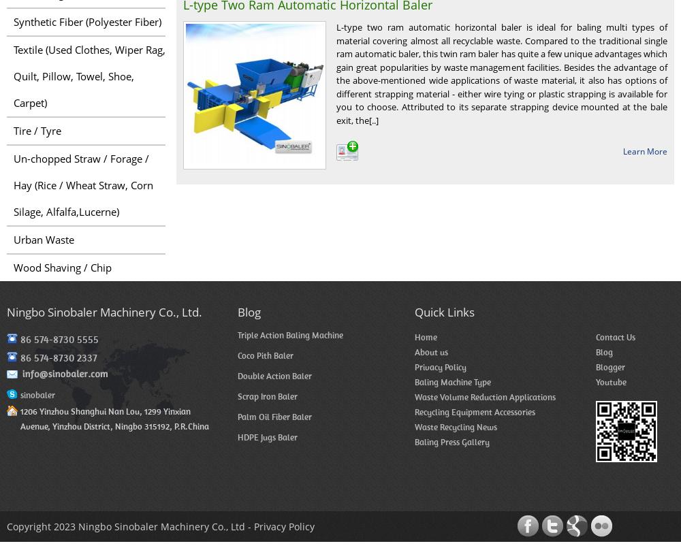  What do you see at coordinates (87, 22) in the screenshot?
I see `'Synthetic Fiber (Polyester Fiber)'` at bounding box center [87, 22].